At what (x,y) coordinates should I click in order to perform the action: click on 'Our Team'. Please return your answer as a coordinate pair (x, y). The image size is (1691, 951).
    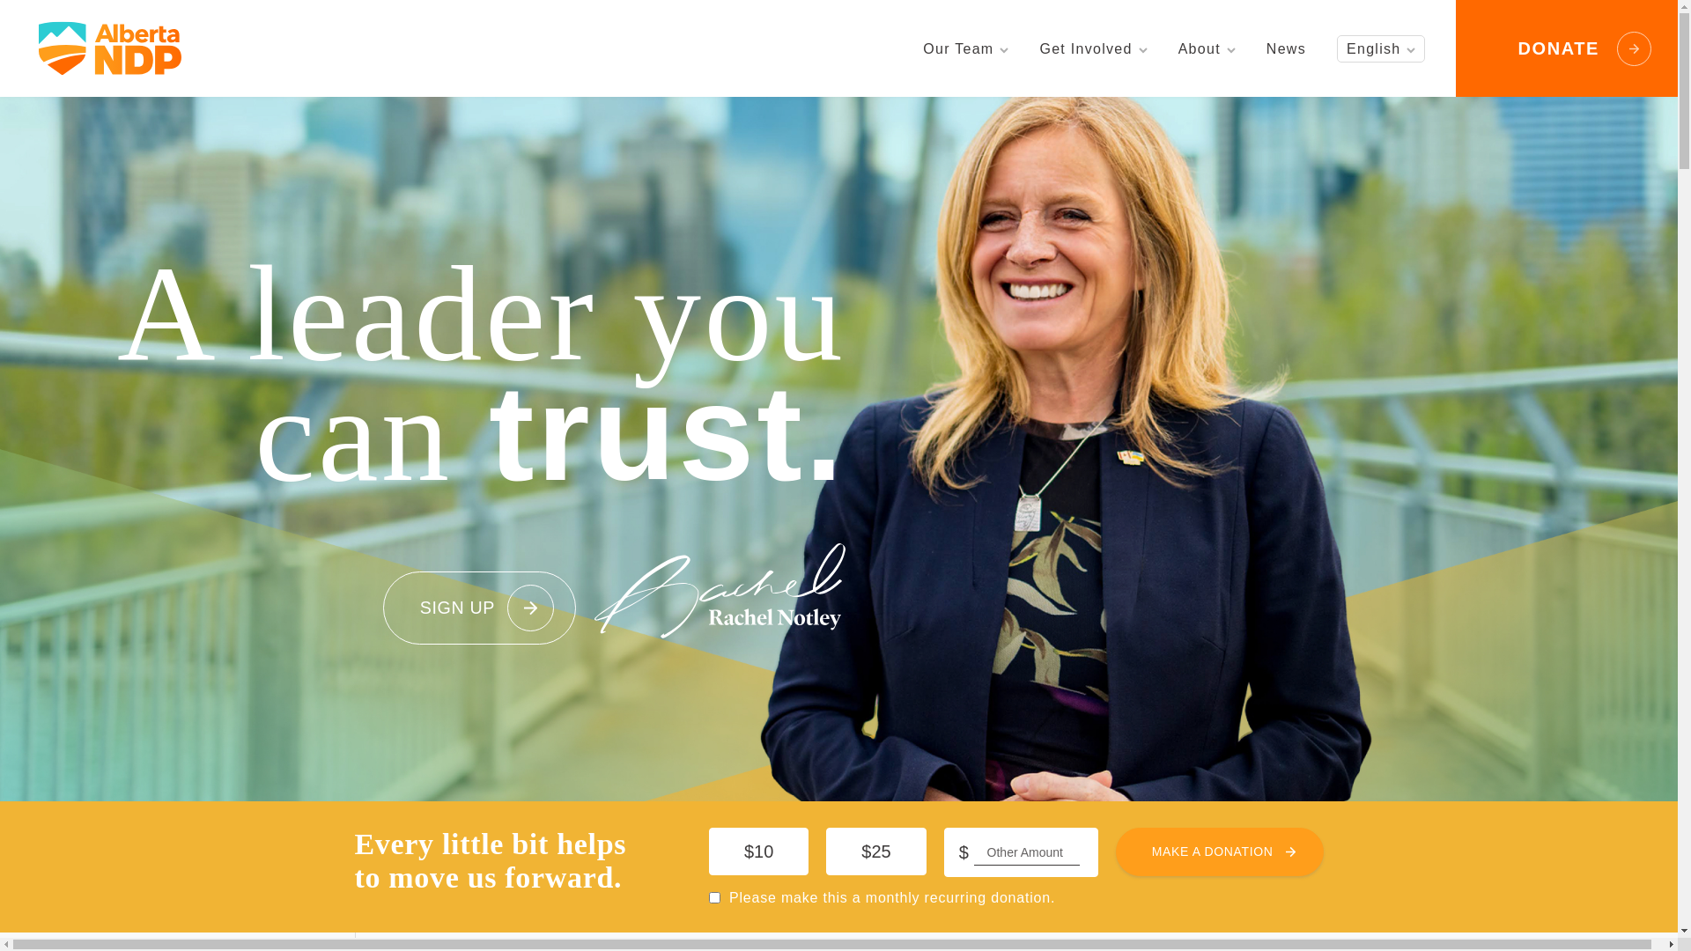
    Looking at the image, I should click on (964, 48).